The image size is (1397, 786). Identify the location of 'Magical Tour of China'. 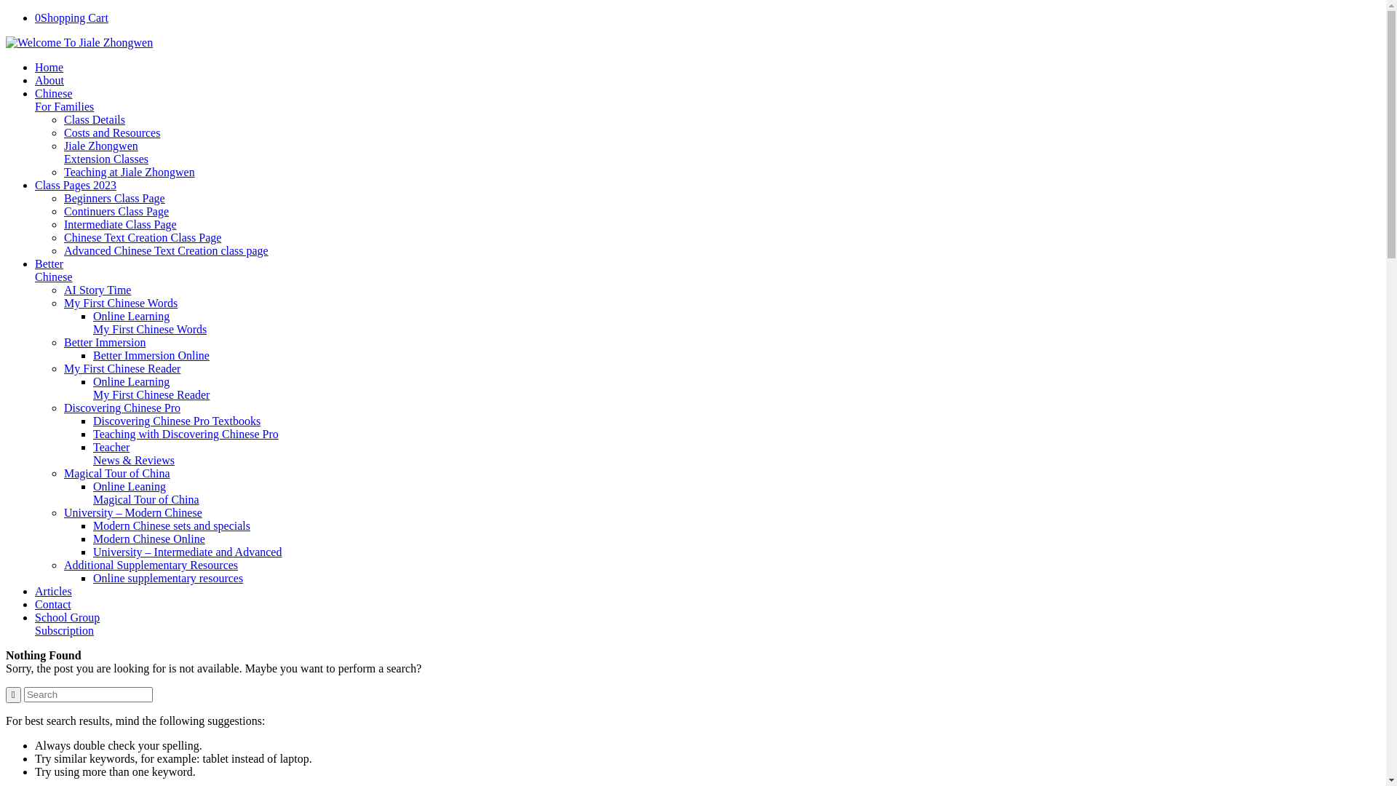
(117, 473).